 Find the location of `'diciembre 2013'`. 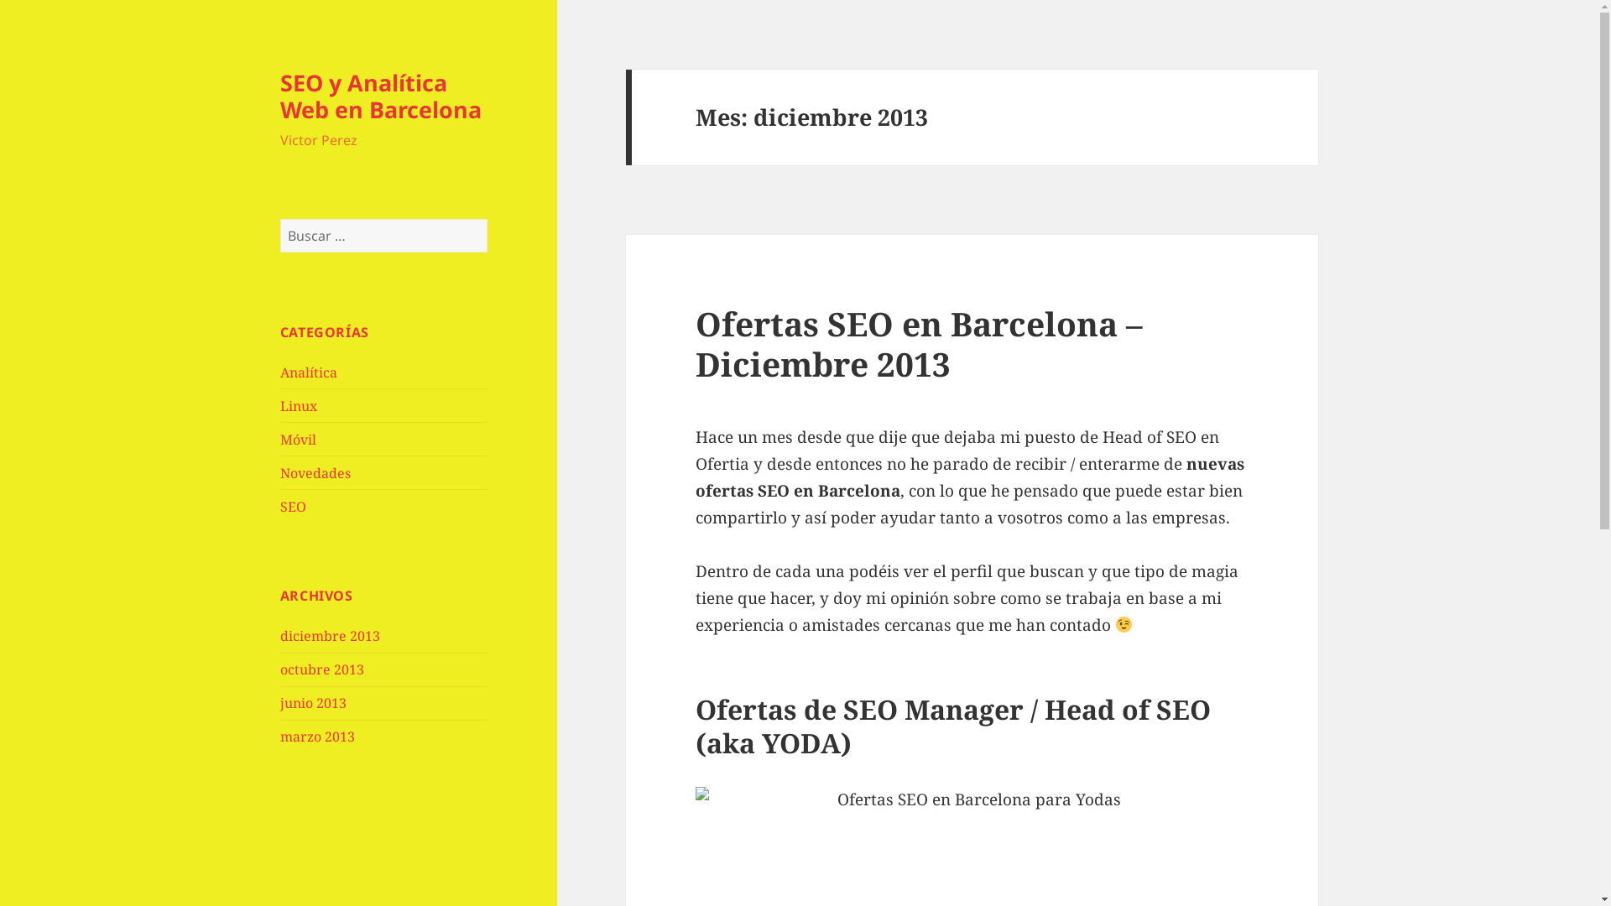

'diciembre 2013' is located at coordinates (330, 636).